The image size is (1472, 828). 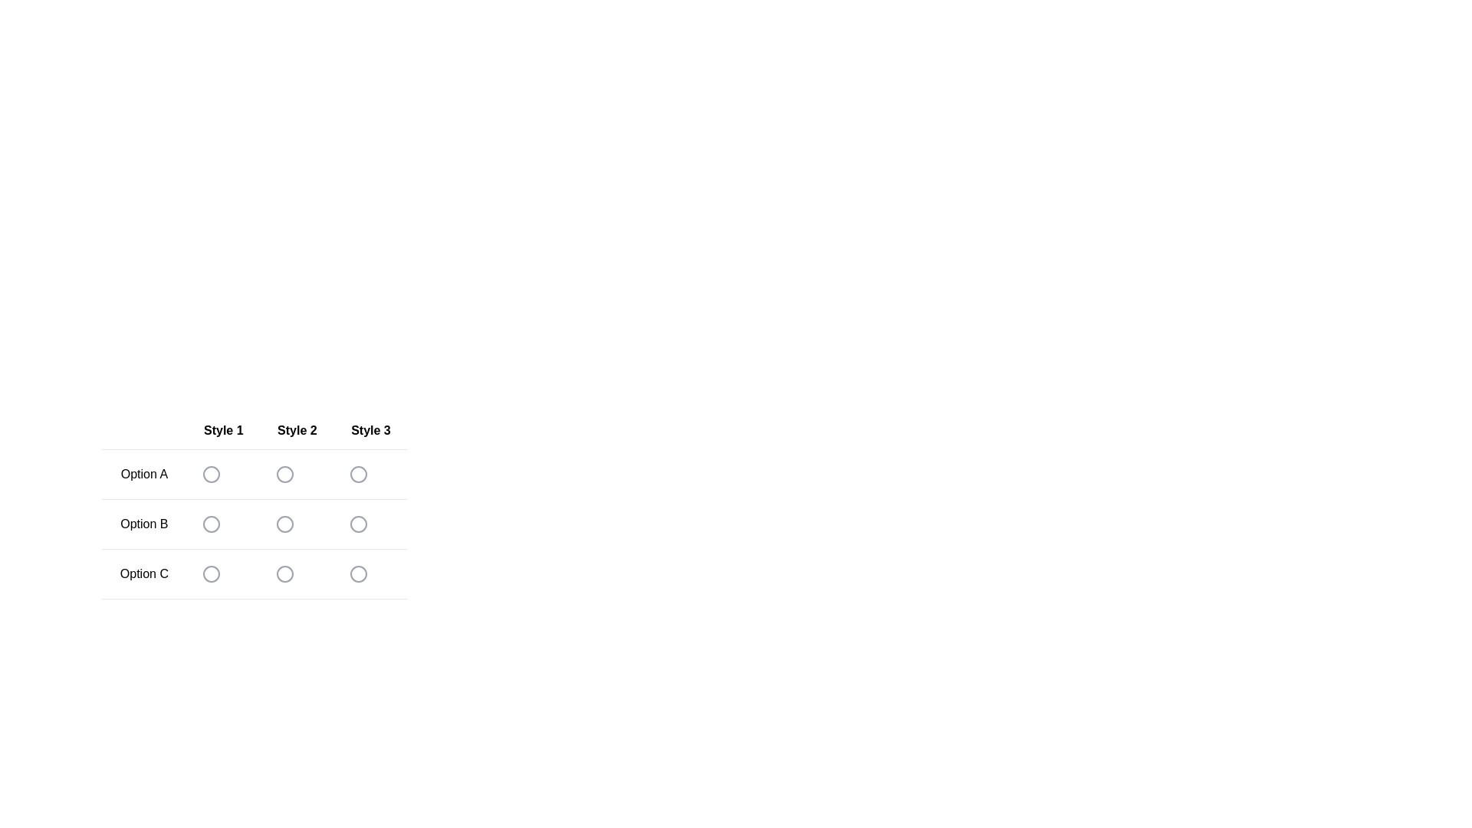 What do you see at coordinates (210, 473) in the screenshot?
I see `the first circular radio button labeled 'Option A'` at bounding box center [210, 473].